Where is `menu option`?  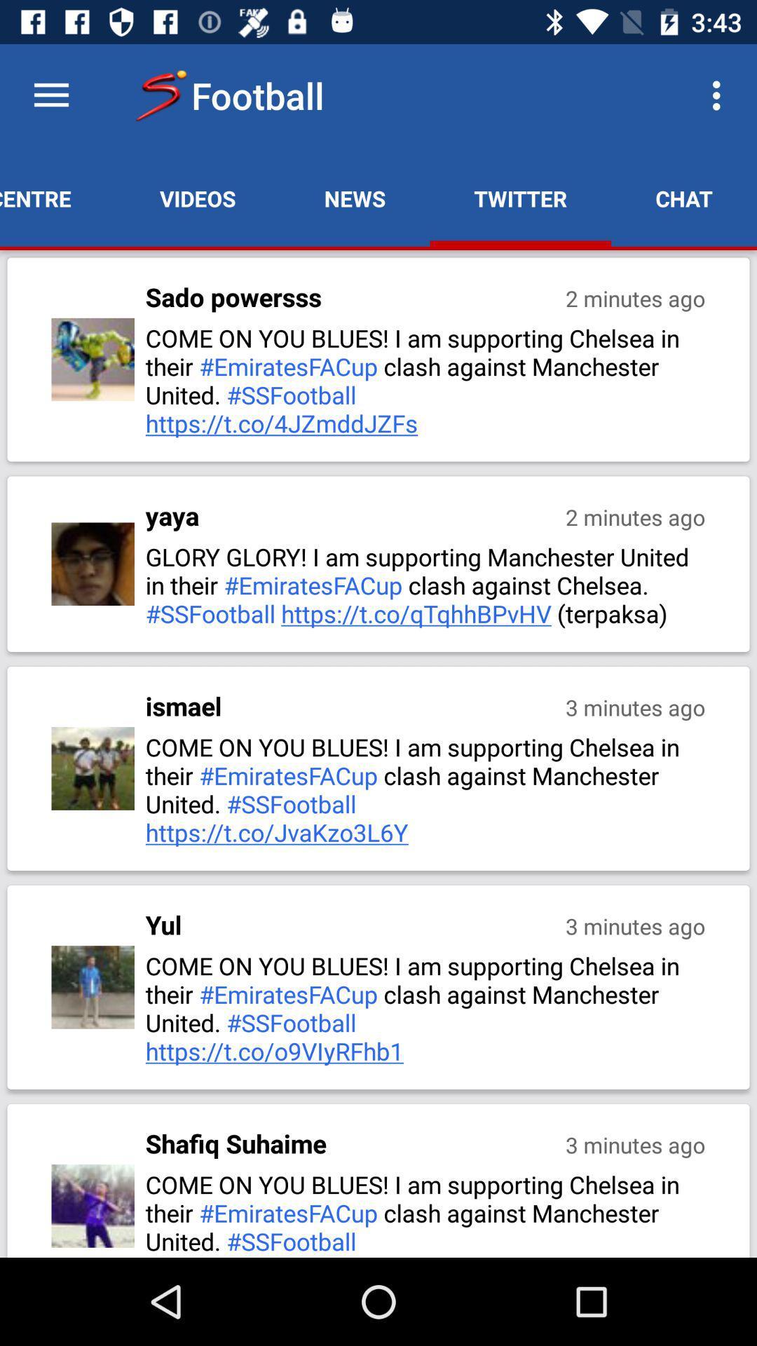 menu option is located at coordinates (50, 95).